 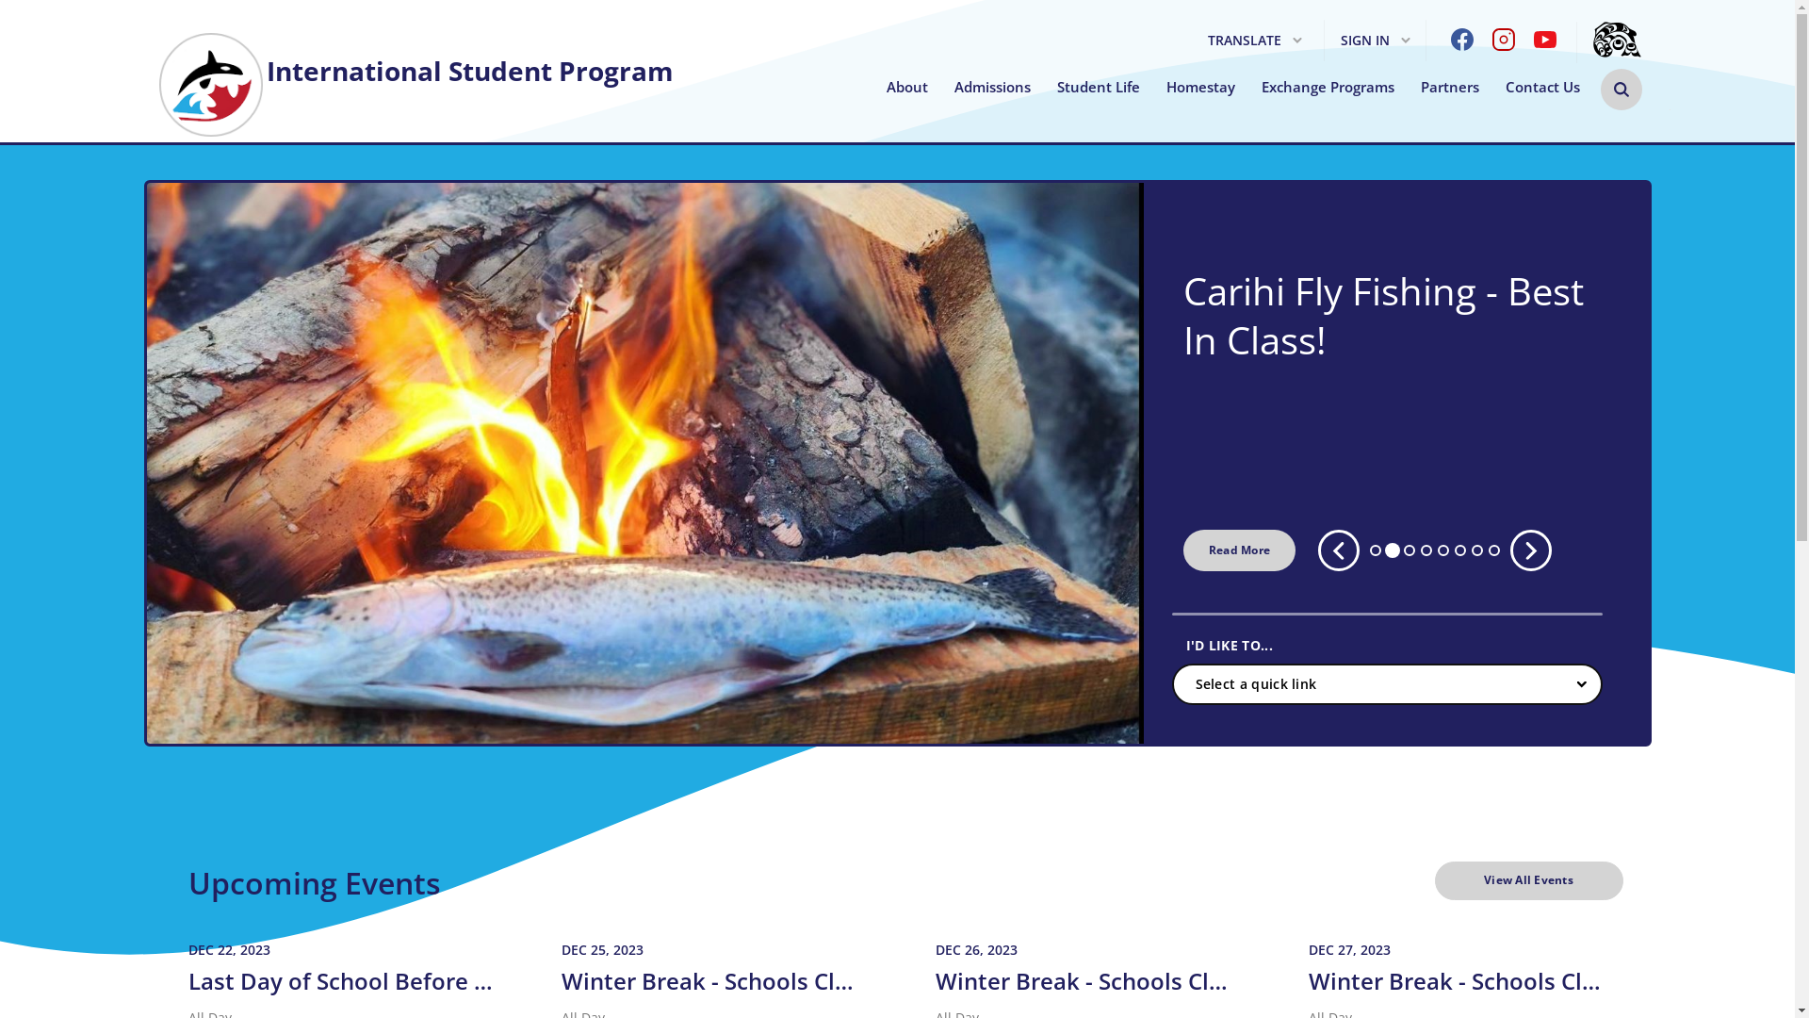 I want to click on 'Partners', so click(x=1449, y=87).